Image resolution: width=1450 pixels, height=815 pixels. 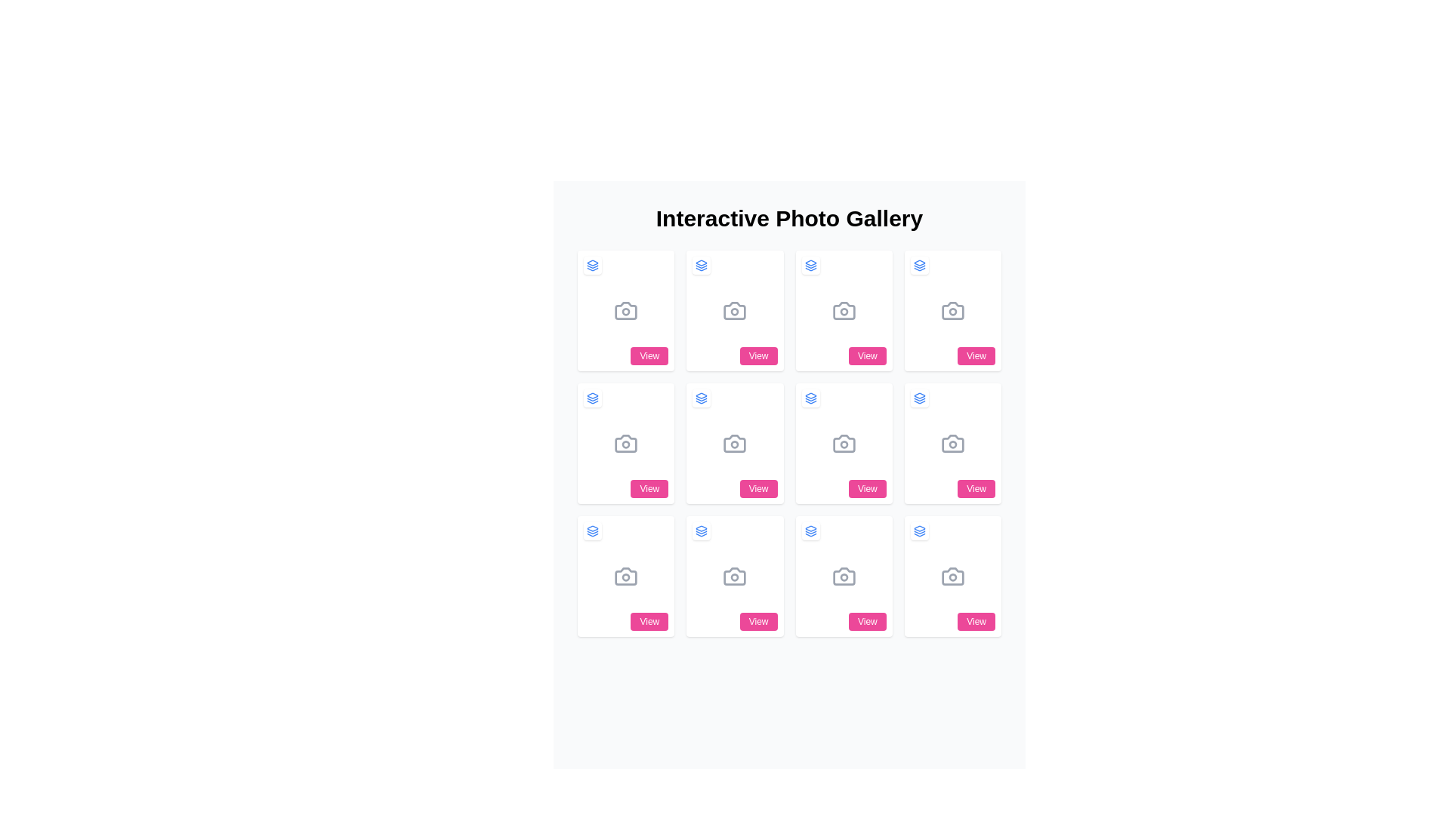 I want to click on the primary camera icon located in the ninth card of a three-by-four grid layout, which is positioned centrally above the pink 'View' button, so click(x=843, y=442).